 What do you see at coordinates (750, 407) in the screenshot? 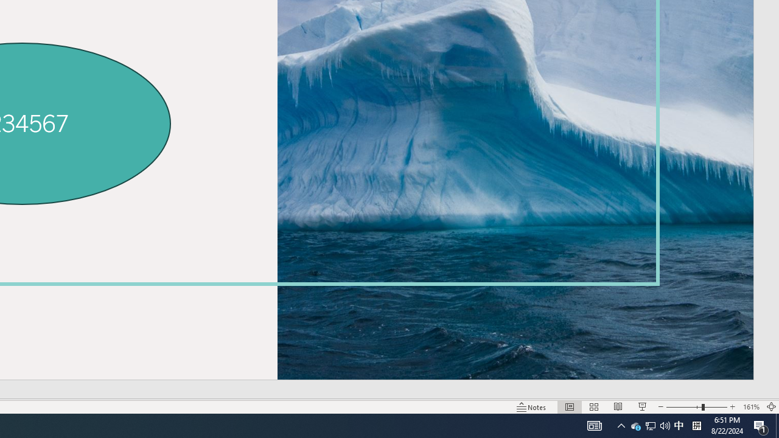
I see `'Zoom 161%'` at bounding box center [750, 407].